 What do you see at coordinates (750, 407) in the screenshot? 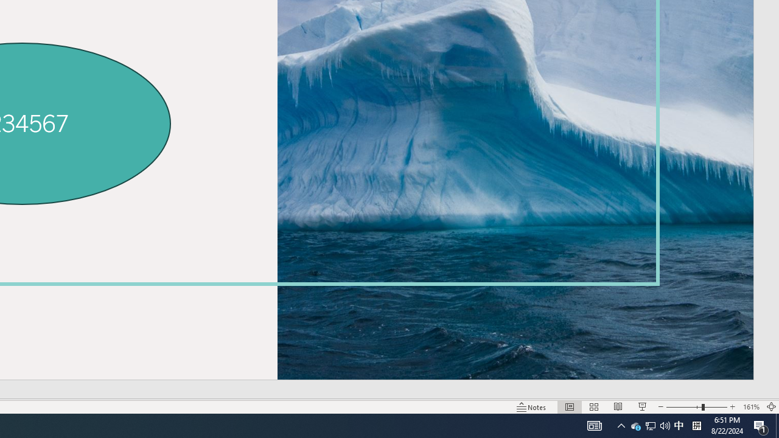
I see `'Zoom 161%'` at bounding box center [750, 407].